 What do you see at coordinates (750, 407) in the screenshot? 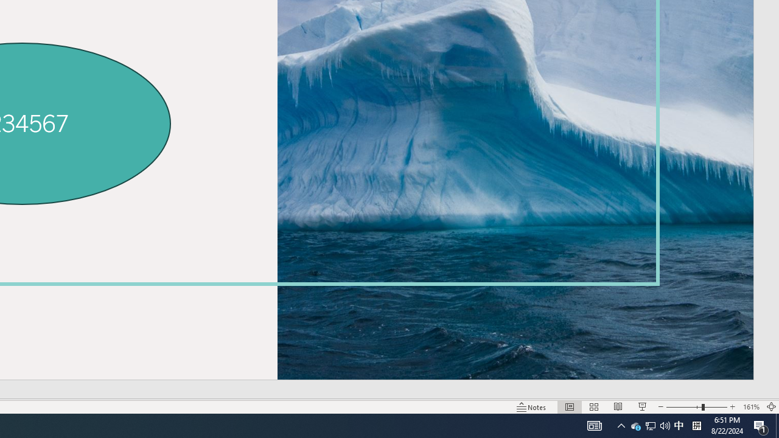
I see `'Zoom 161%'` at bounding box center [750, 407].